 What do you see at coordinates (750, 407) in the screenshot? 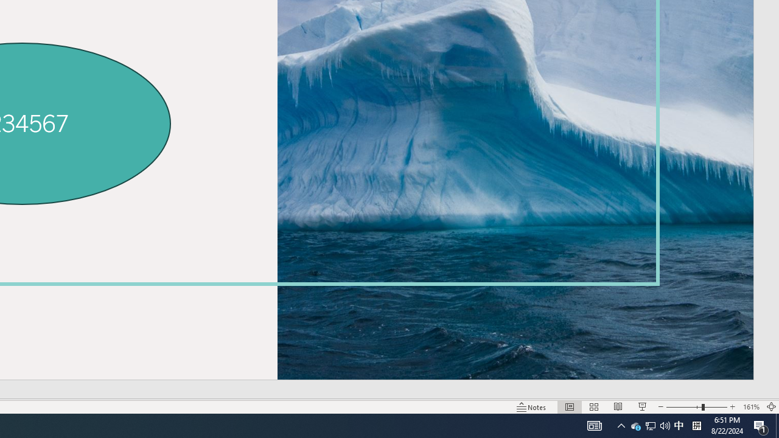
I see `'Zoom 161%'` at bounding box center [750, 407].